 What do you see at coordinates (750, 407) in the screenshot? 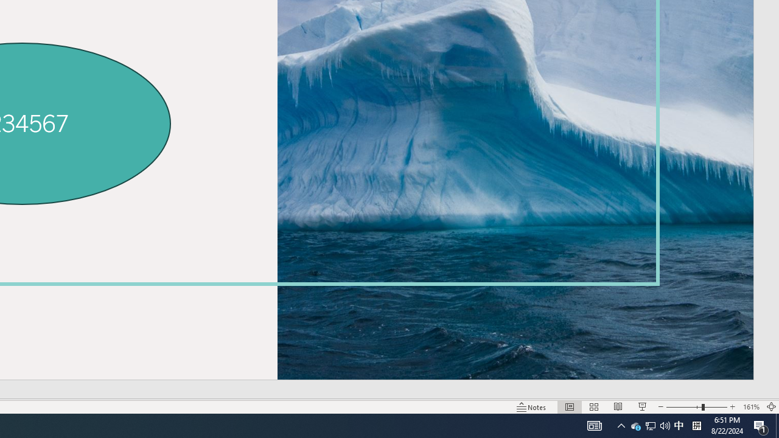
I see `'Zoom 161%'` at bounding box center [750, 407].